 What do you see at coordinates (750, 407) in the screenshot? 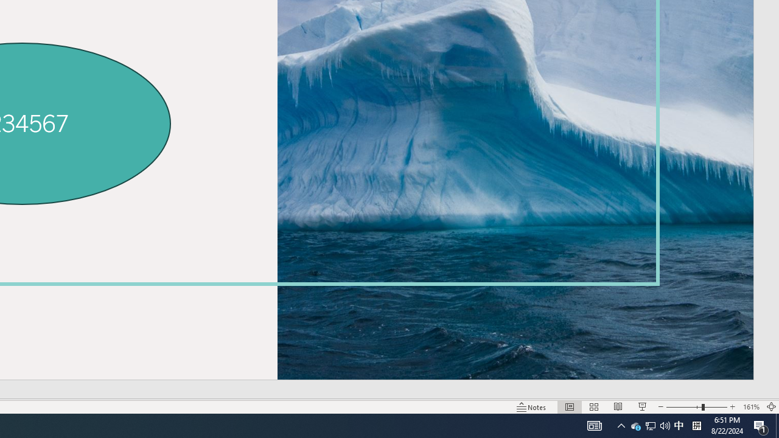
I see `'Zoom 161%'` at bounding box center [750, 407].